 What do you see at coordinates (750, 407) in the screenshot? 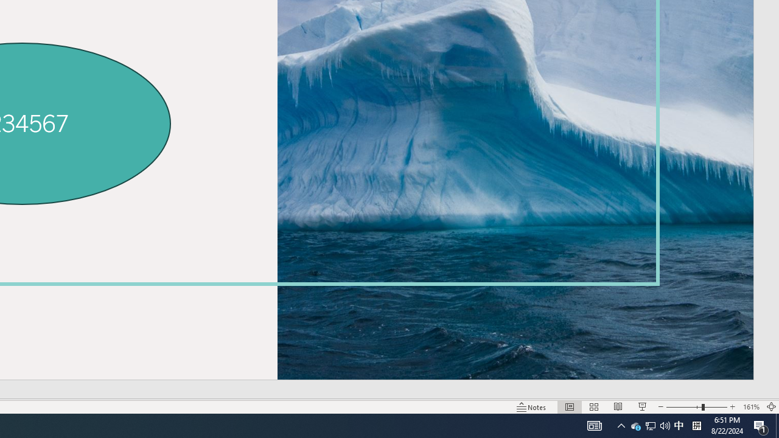
I see `'Zoom 161%'` at bounding box center [750, 407].